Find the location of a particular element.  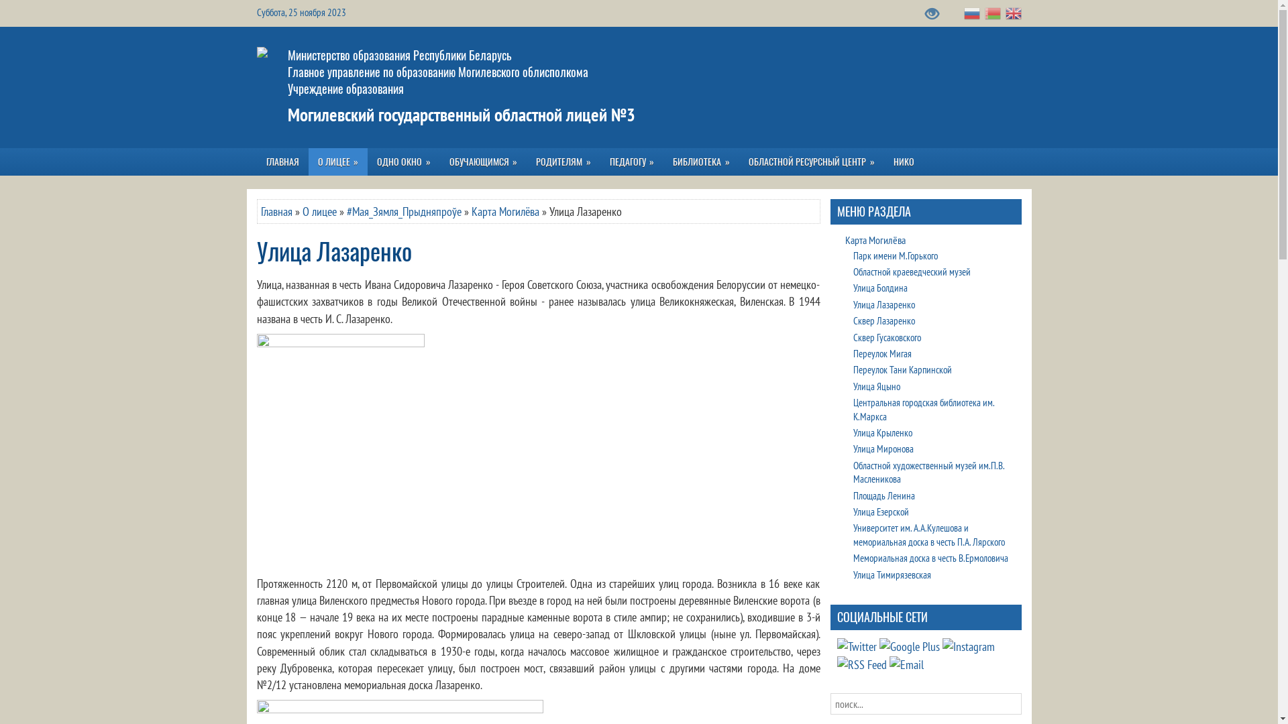

'Email' is located at coordinates (906, 664).